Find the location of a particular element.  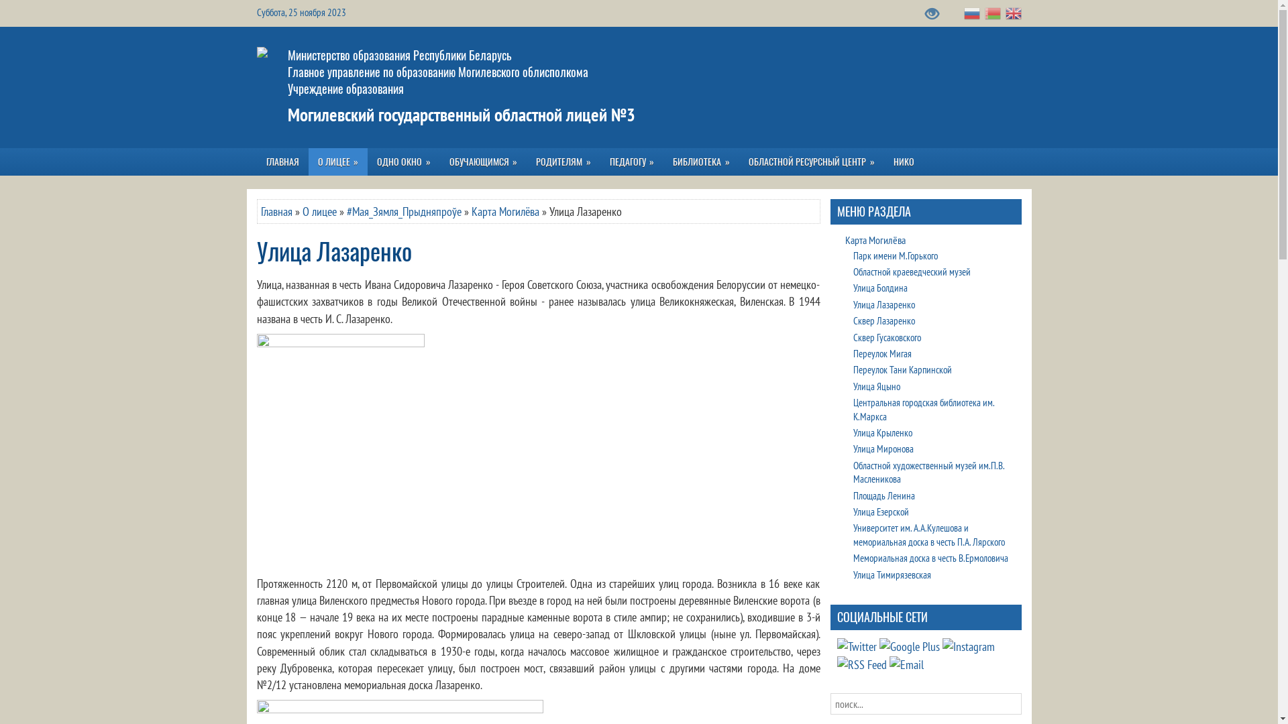

'Email' is located at coordinates (906, 664).